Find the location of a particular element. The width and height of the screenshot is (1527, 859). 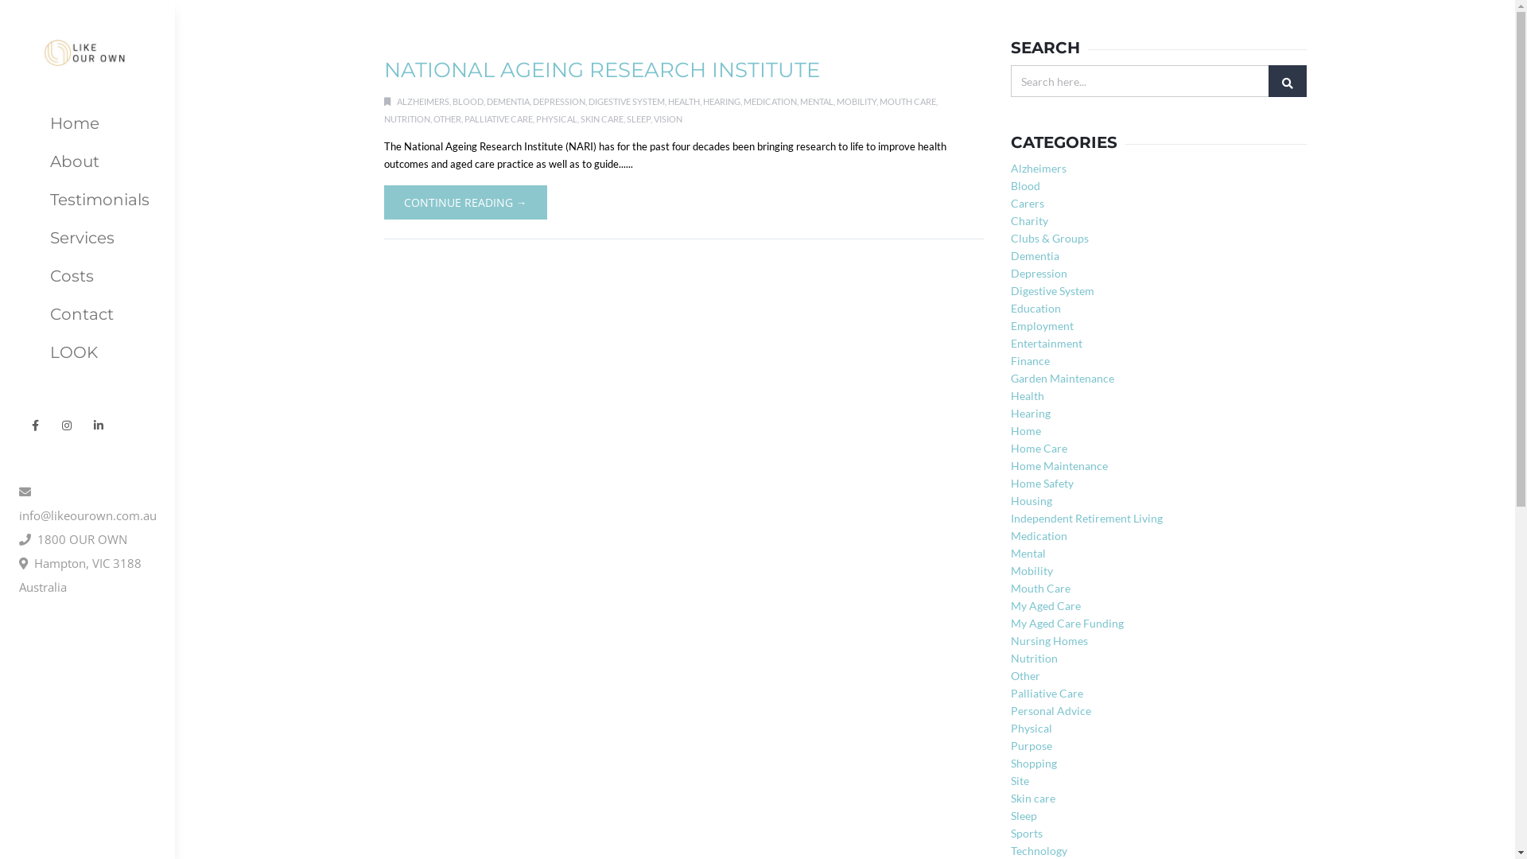

'NATIONAL AGEING RESEARCH INSTITUTE' is located at coordinates (600, 69).